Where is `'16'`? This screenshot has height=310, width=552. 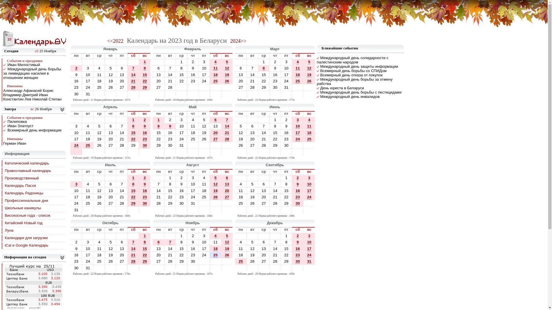
'16' is located at coordinates (187, 74).